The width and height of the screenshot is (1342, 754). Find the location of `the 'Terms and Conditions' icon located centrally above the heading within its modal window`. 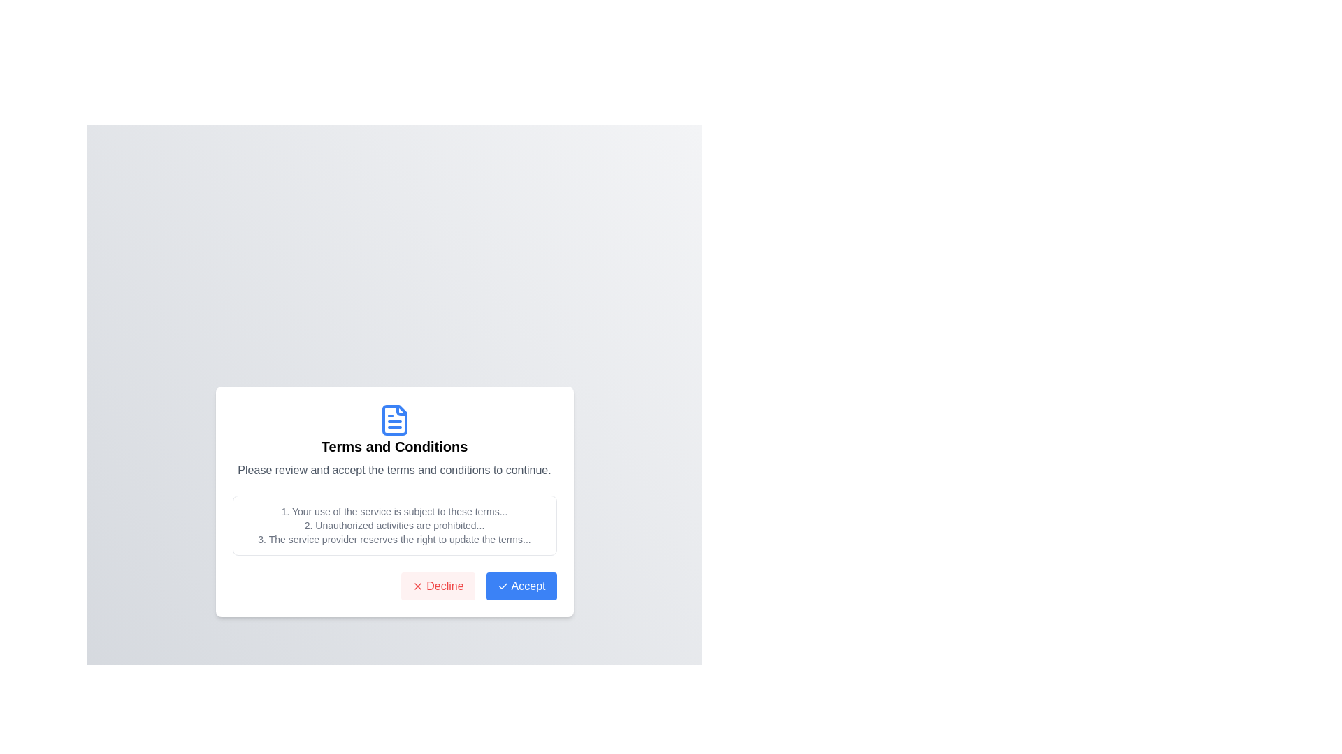

the 'Terms and Conditions' icon located centrally above the heading within its modal window is located at coordinates (394, 419).